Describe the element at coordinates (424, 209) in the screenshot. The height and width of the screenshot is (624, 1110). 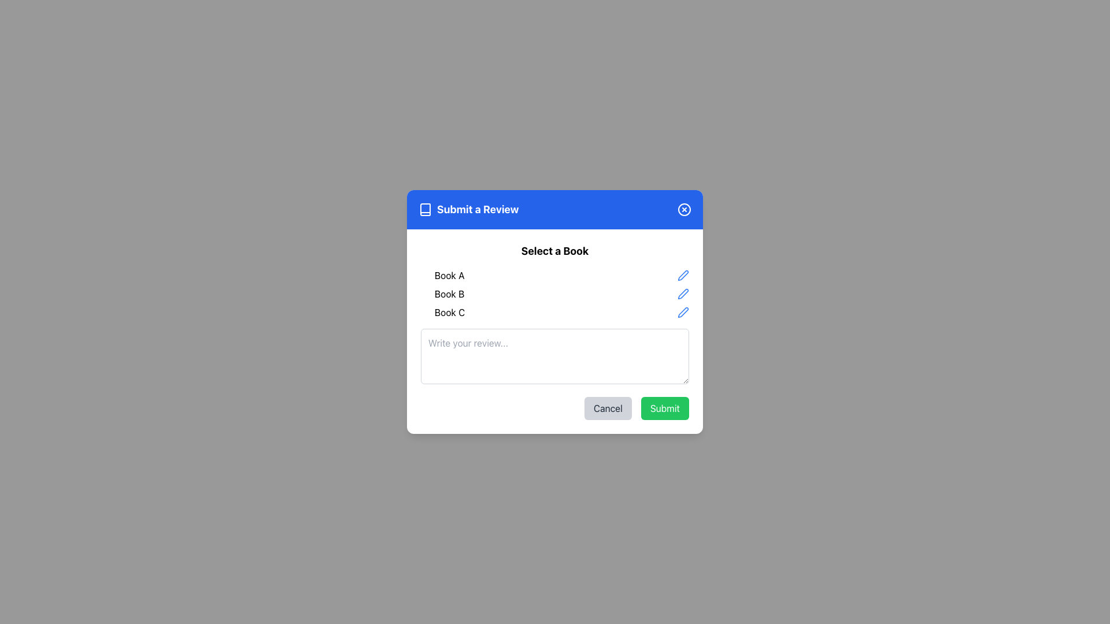
I see `the book icon located at the top left corner of the modal header, immediately to the left of the 'Submit a Review' text` at that location.